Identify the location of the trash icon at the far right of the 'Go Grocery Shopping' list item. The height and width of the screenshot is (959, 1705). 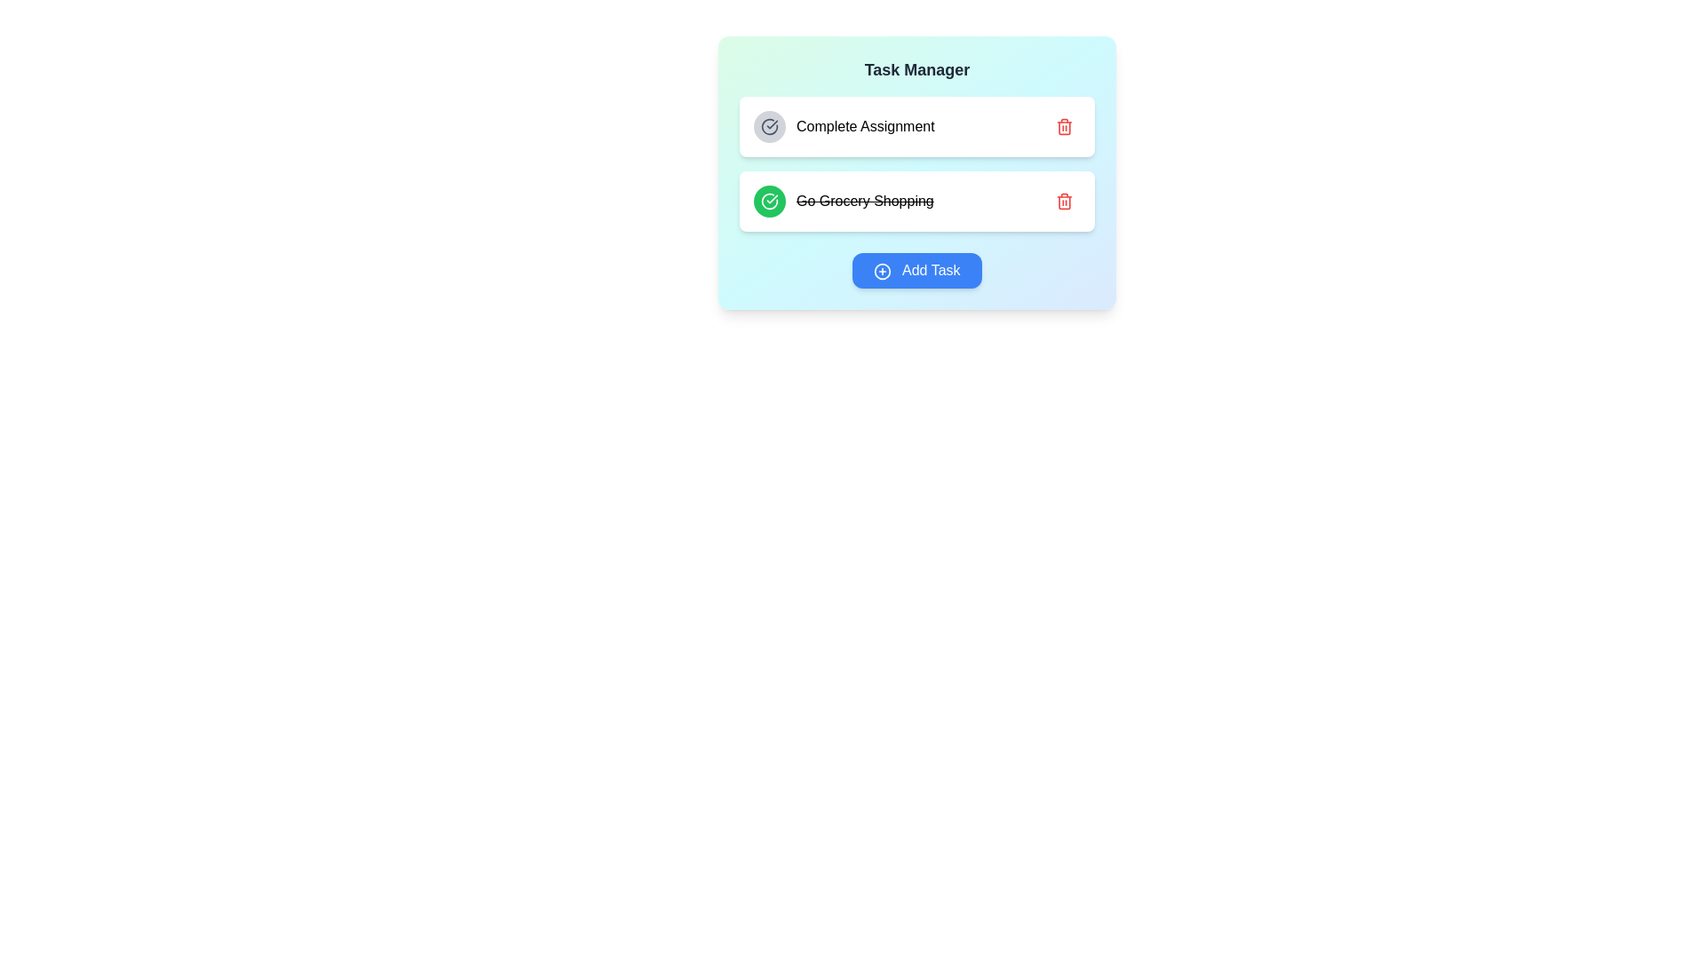
(1065, 201).